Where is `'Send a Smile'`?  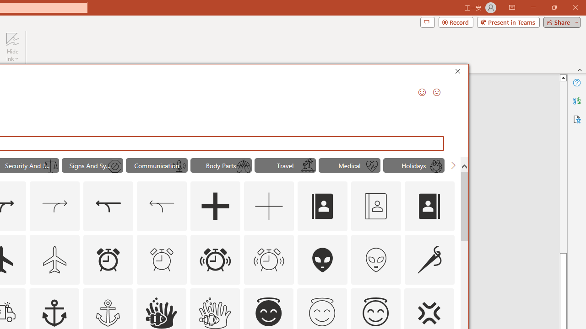 'Send a Smile' is located at coordinates (422, 92).